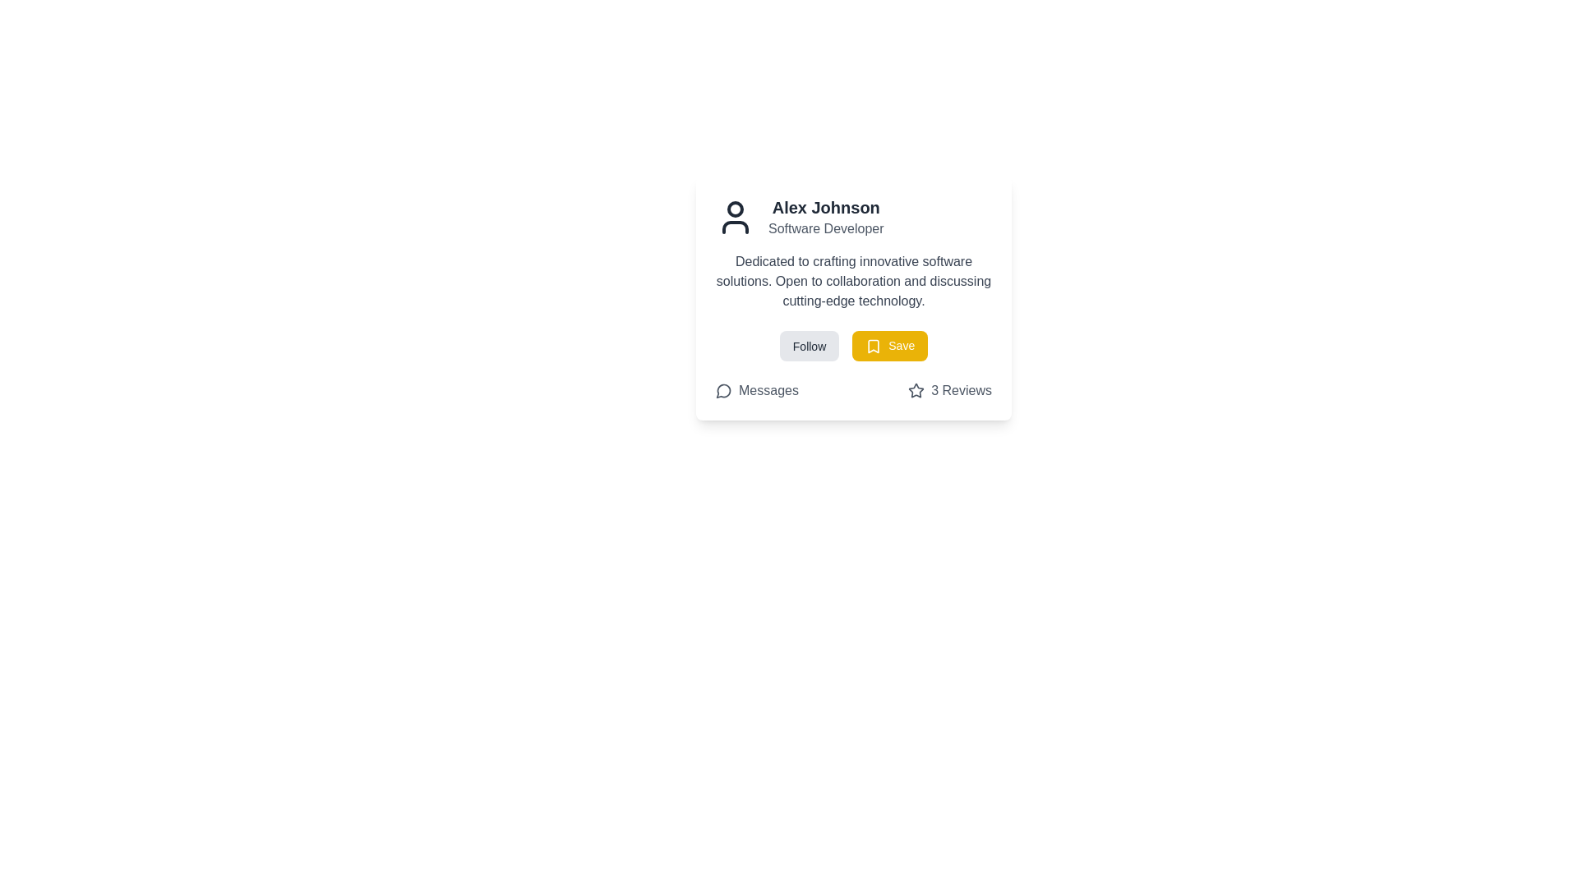  I want to click on the yellow bookmark icon located inside the 'Save' button positioned to the right of the 'Follow' button below the profile description for 'Alex Johnson', so click(873, 346).